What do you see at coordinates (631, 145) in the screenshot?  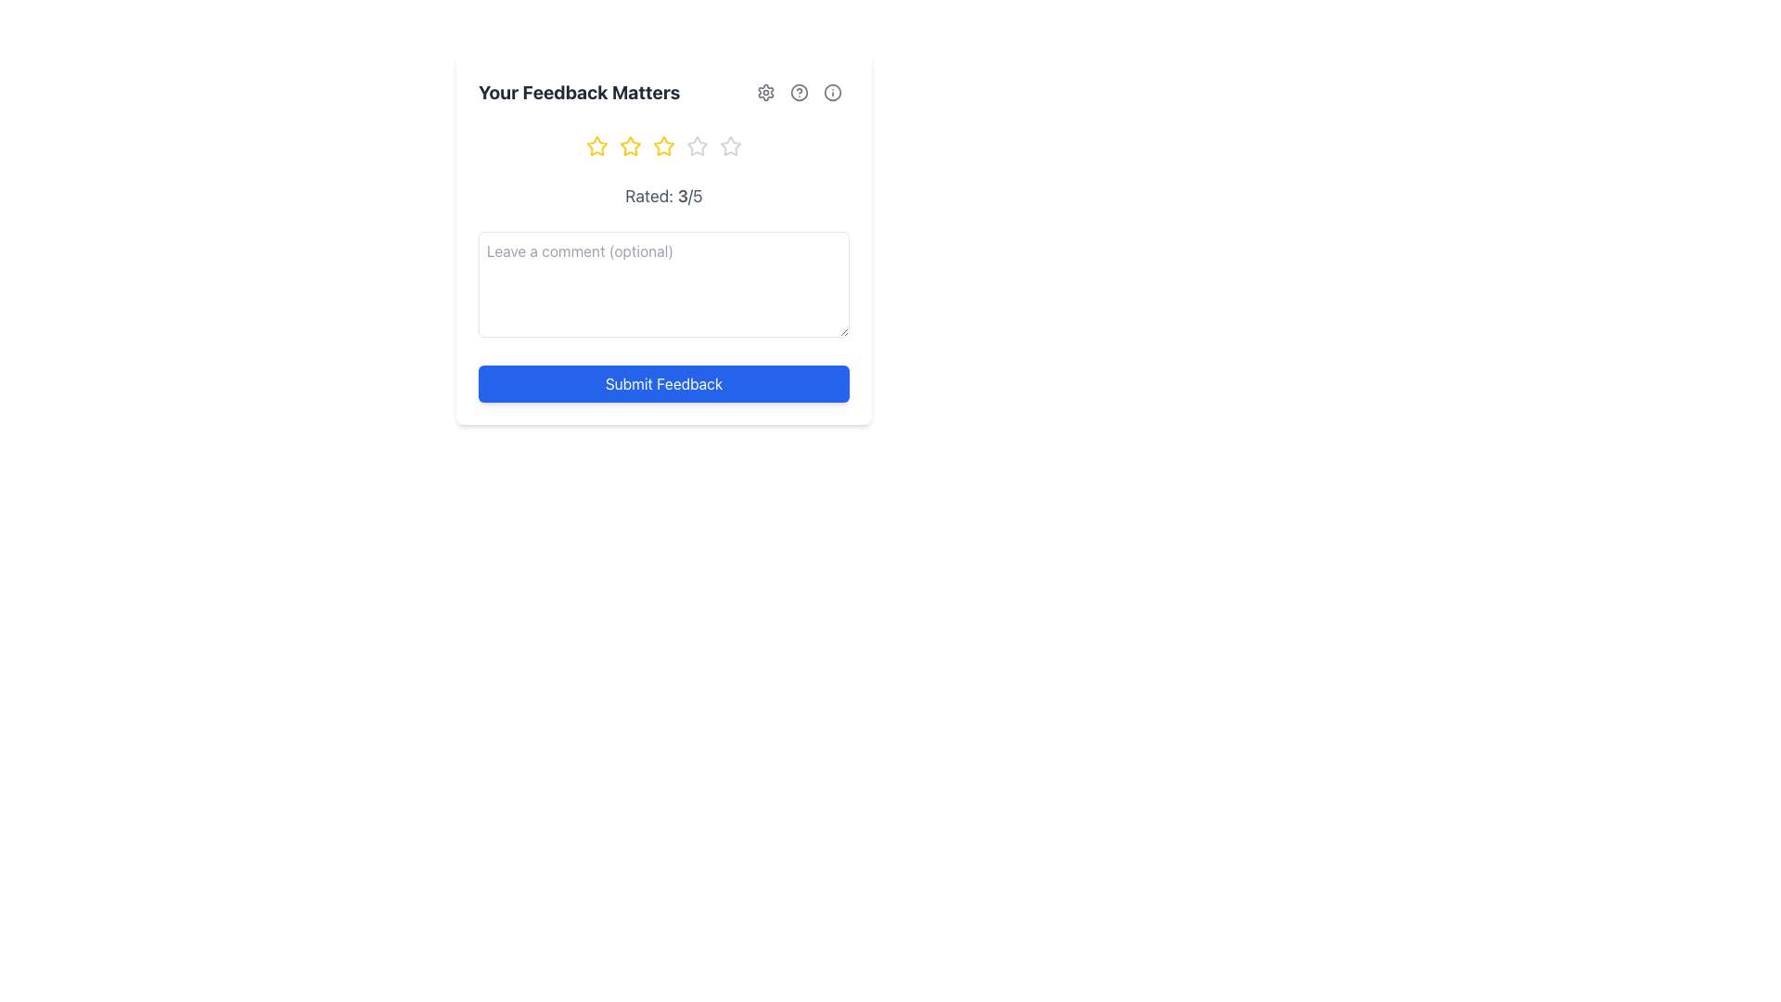 I see `the second star-shaped icon in the rating system located below 'Your Feedback Matters' and above 'Rated: 3/5'` at bounding box center [631, 145].